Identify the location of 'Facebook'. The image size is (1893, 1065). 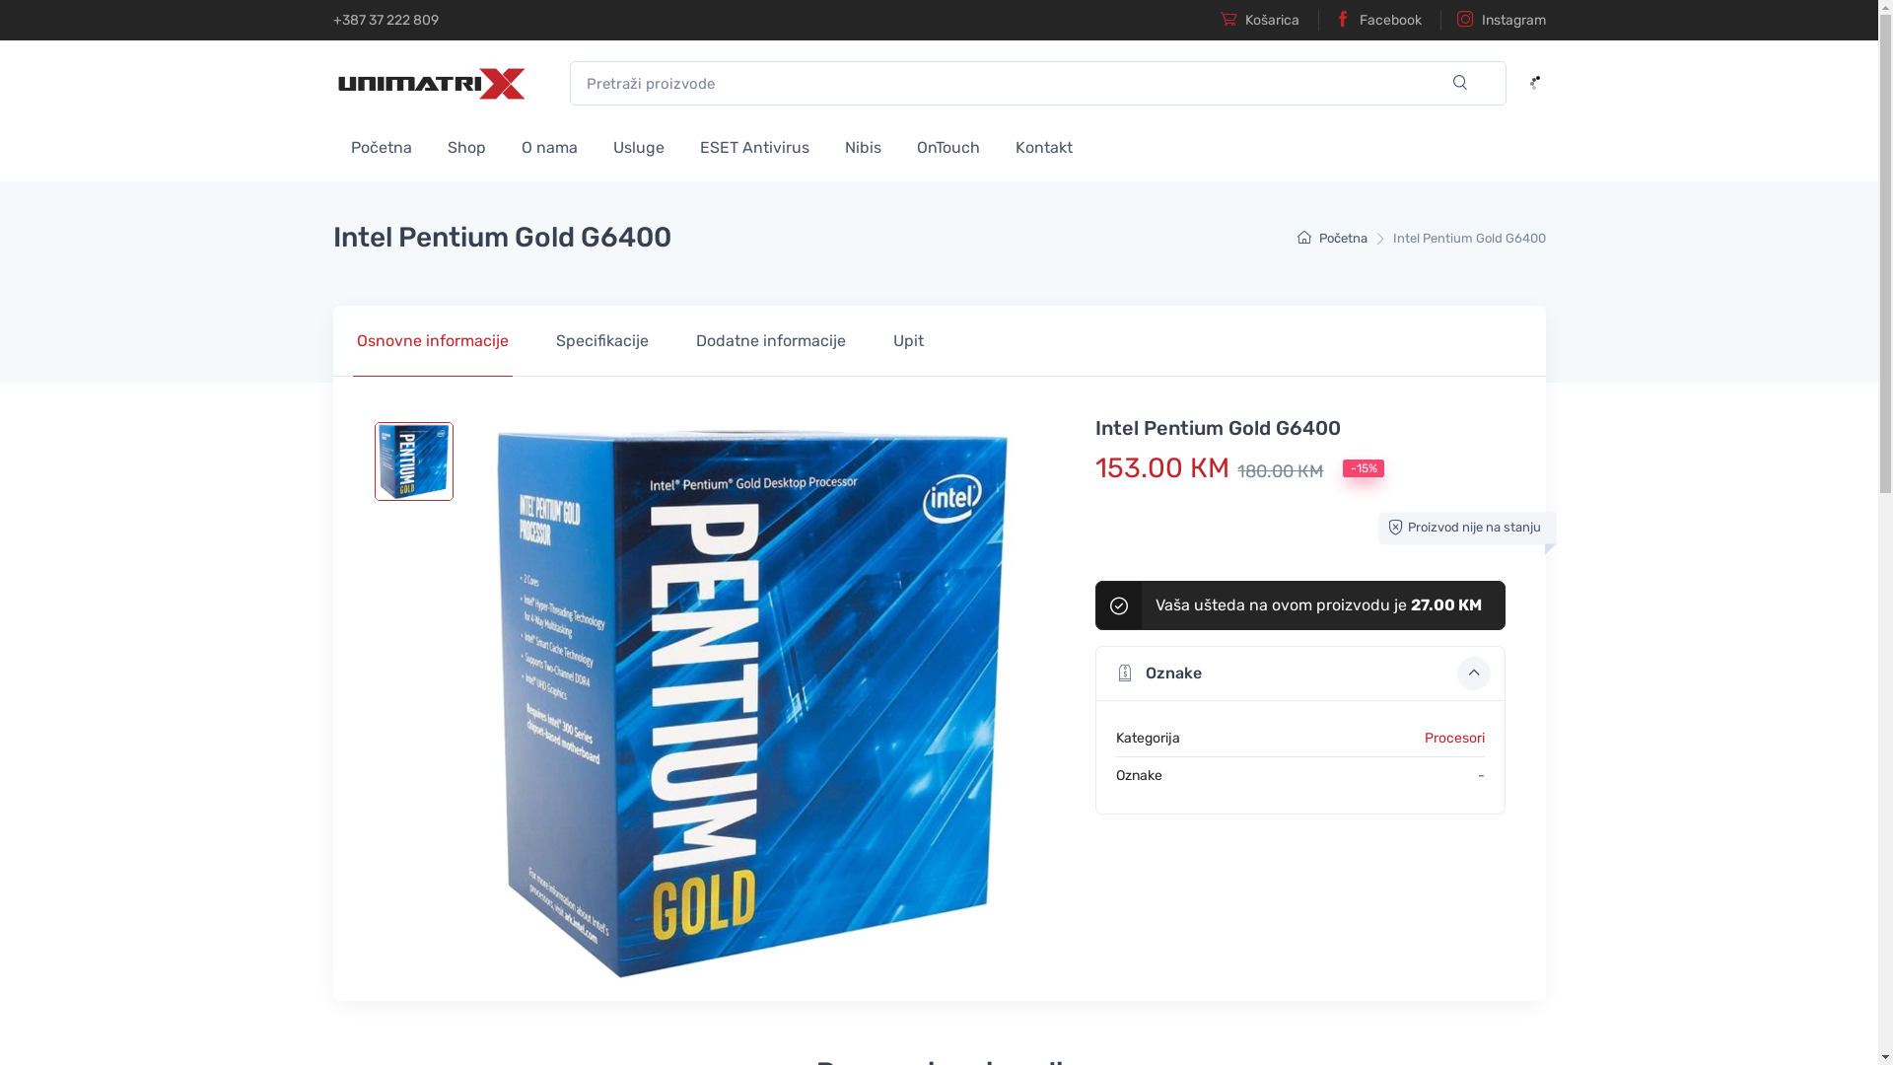
(1367, 20).